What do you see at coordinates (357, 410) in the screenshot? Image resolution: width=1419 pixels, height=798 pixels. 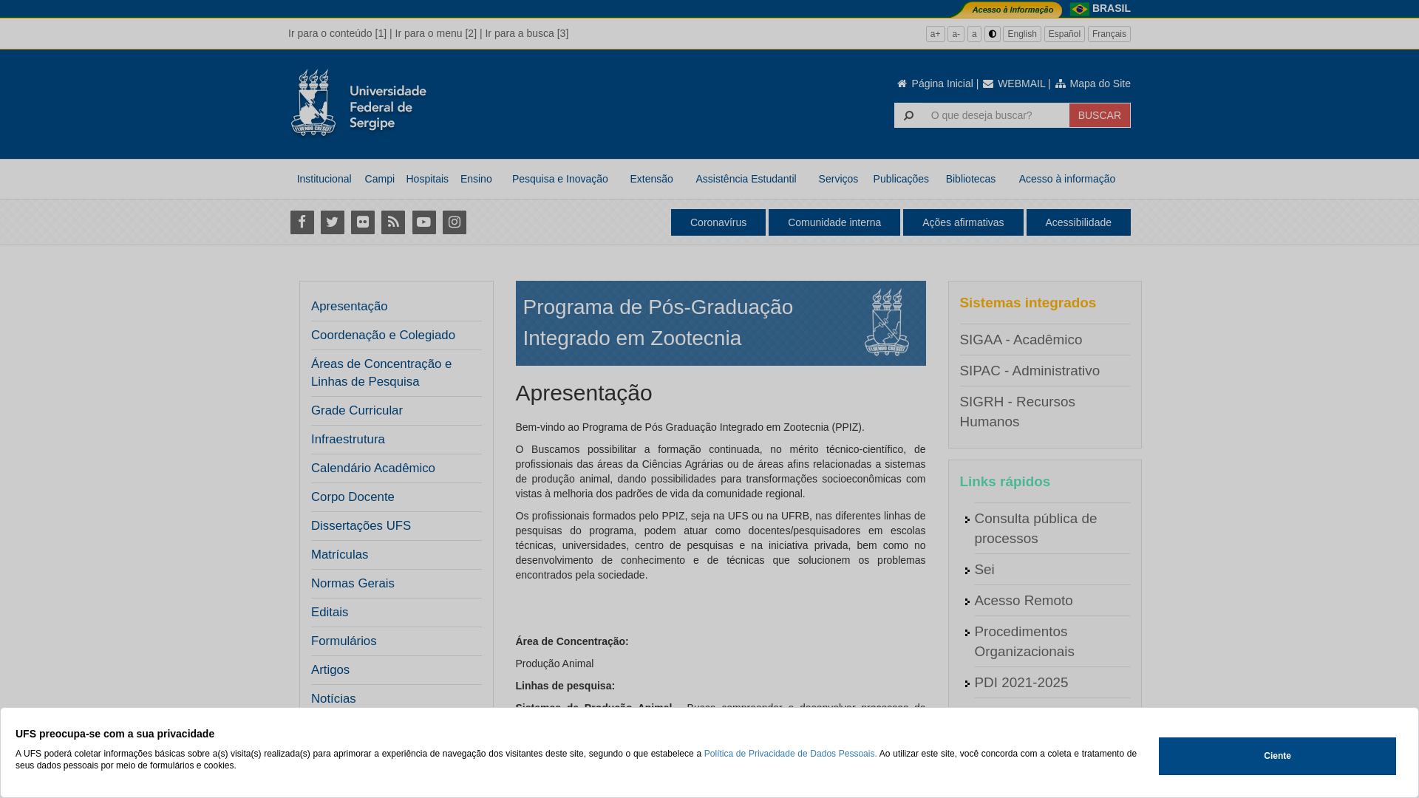 I see `'Grade Curricular'` at bounding box center [357, 410].